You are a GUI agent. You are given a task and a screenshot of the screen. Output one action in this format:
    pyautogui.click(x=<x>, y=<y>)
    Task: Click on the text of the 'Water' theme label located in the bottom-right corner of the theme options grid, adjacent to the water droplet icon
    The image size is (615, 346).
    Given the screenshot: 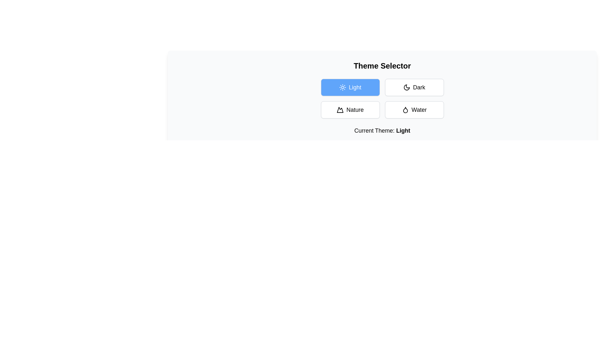 What is the action you would take?
    pyautogui.click(x=419, y=110)
    